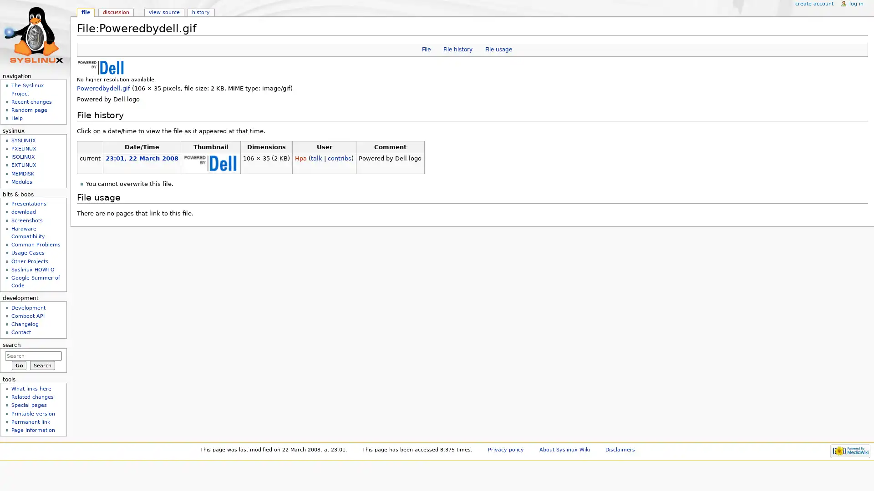  I want to click on Go, so click(19, 365).